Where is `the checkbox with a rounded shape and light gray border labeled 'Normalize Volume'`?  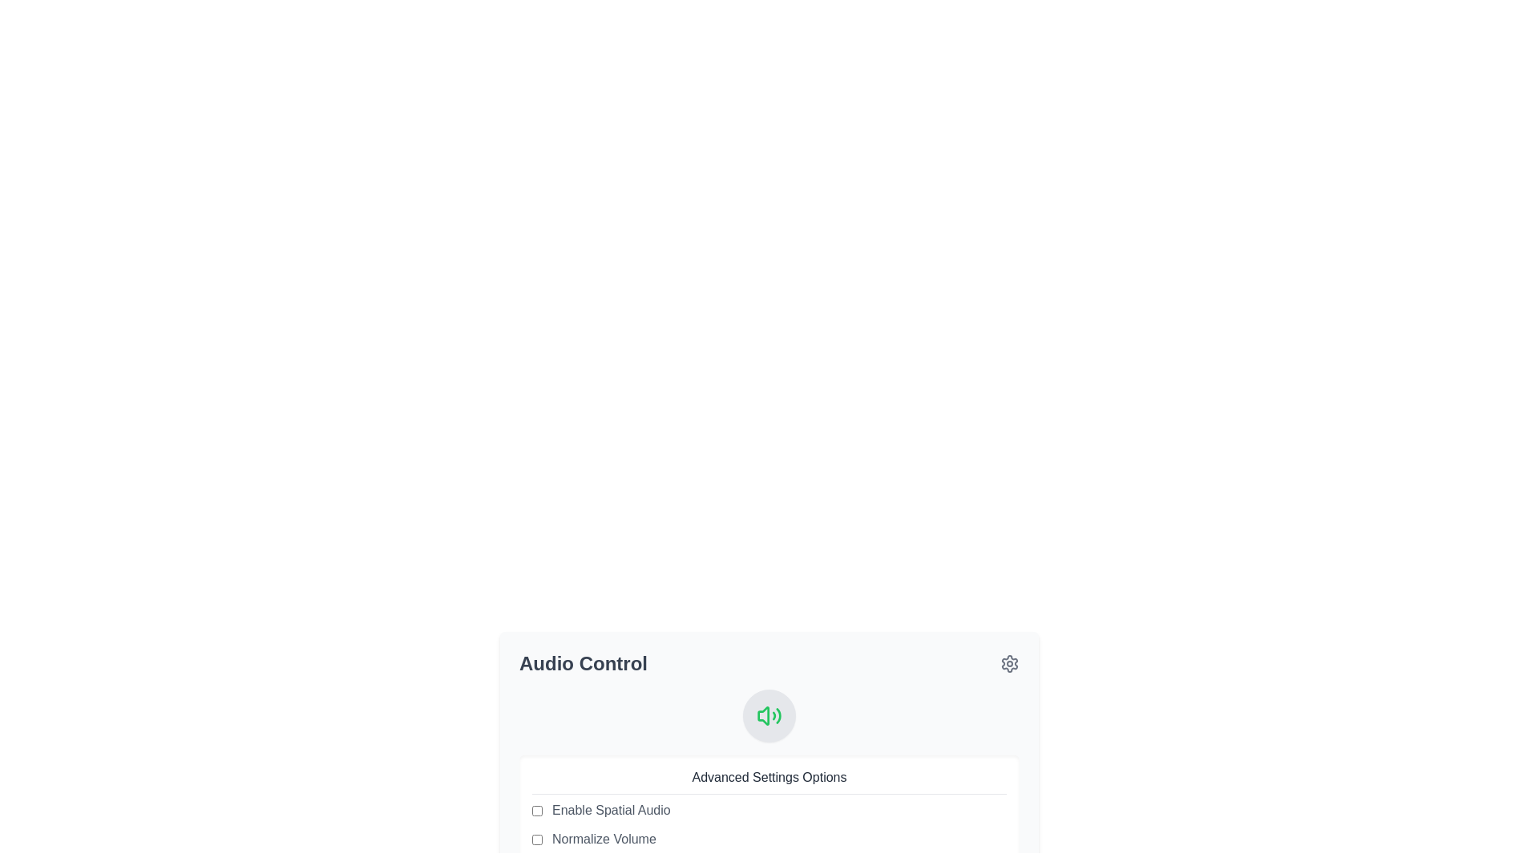
the checkbox with a rounded shape and light gray border labeled 'Normalize Volume' is located at coordinates (537, 838).